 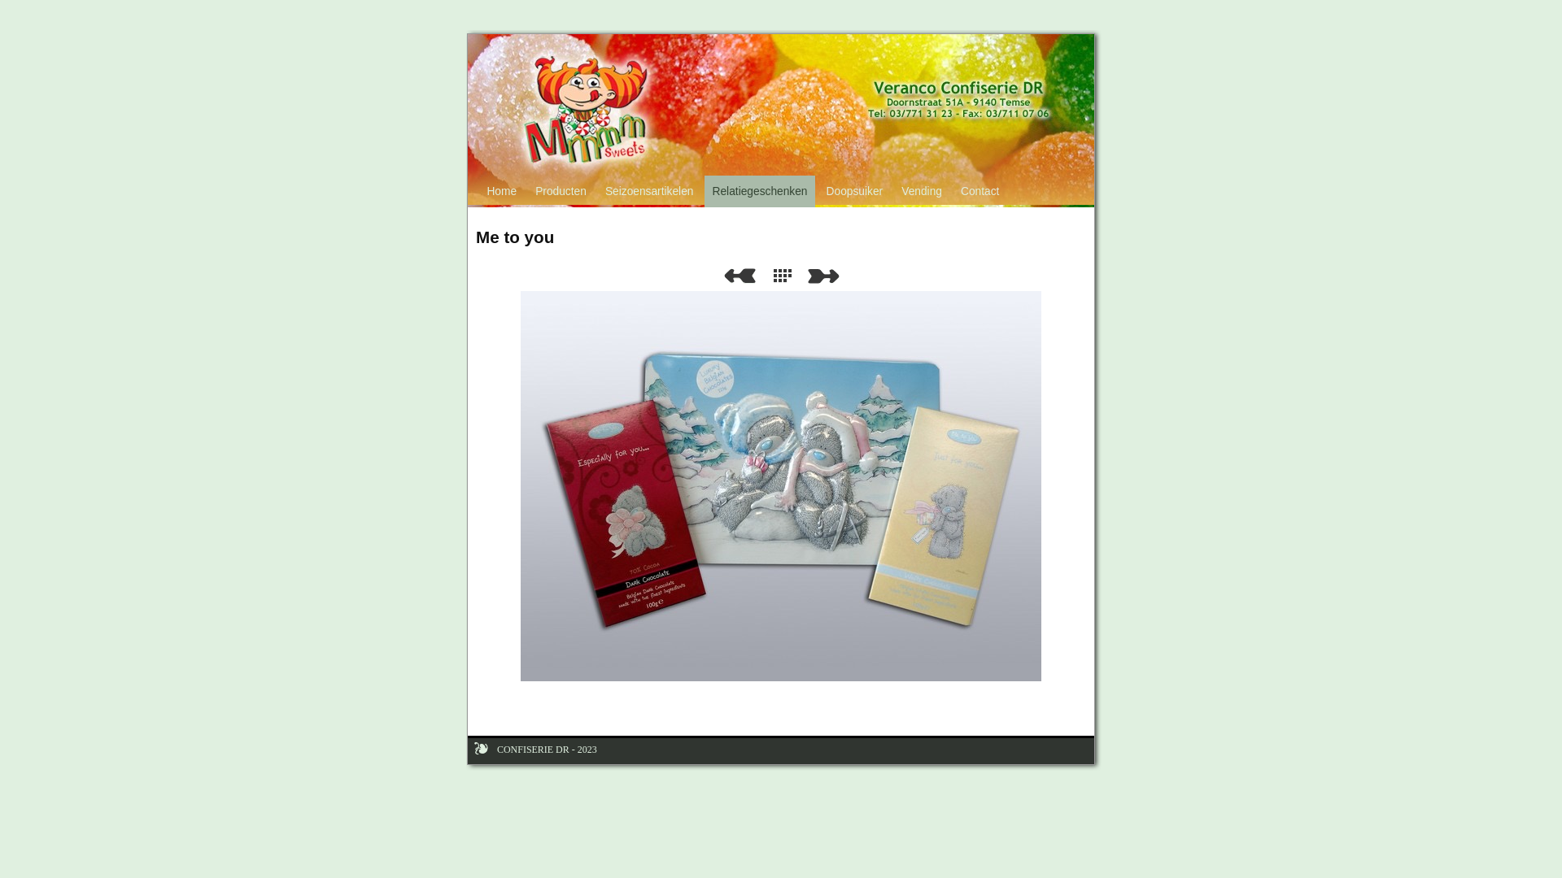 What do you see at coordinates (561, 190) in the screenshot?
I see `'Producten'` at bounding box center [561, 190].